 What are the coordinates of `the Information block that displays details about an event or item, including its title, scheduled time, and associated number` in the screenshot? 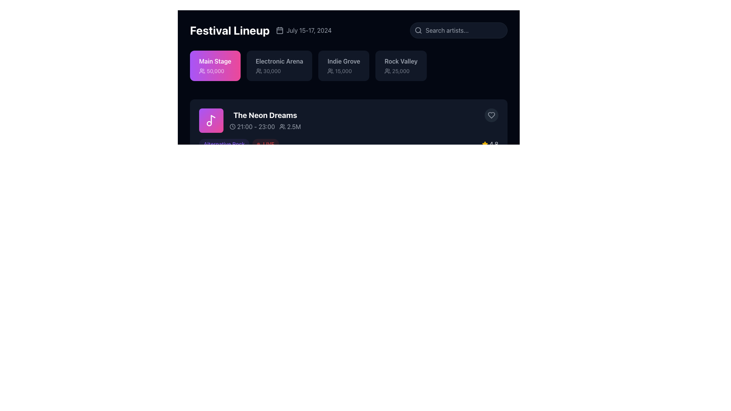 It's located at (348, 189).